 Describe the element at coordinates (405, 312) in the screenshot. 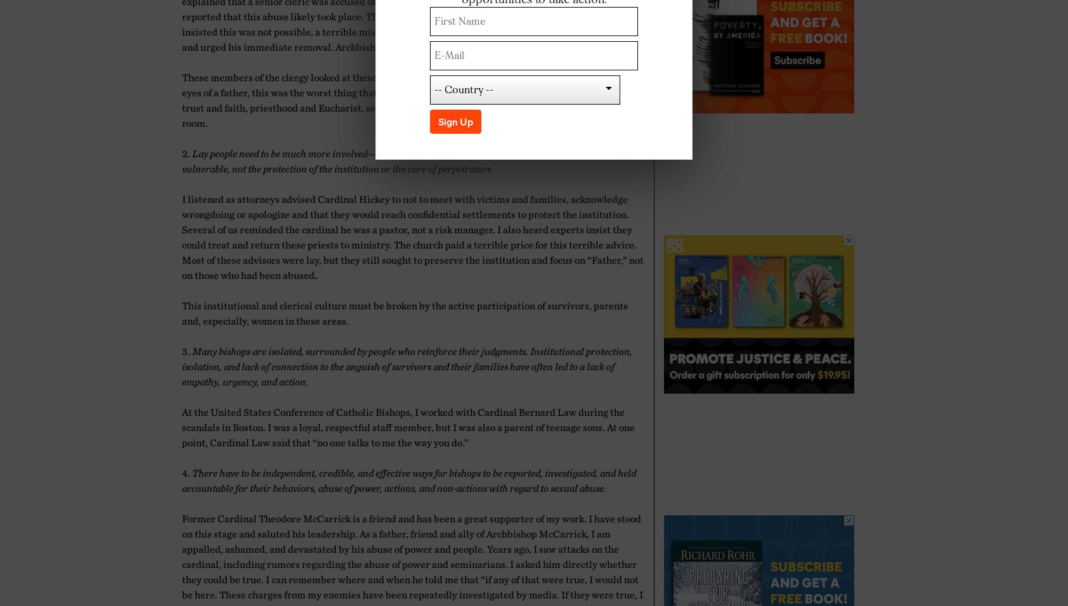

I see `'This institutional and clerical culture must be broken by the active participation of survivors, parents and, especially, women in these areas.'` at that location.